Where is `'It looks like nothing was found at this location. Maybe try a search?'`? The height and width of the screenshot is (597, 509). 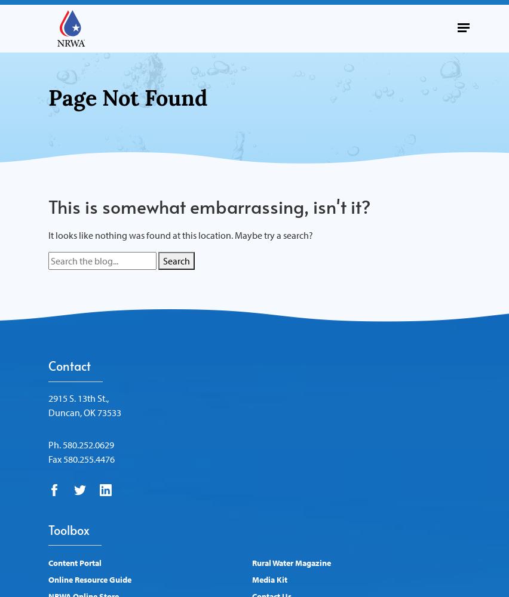 'It looks like nothing was found at this location. Maybe try a search?' is located at coordinates (180, 235).